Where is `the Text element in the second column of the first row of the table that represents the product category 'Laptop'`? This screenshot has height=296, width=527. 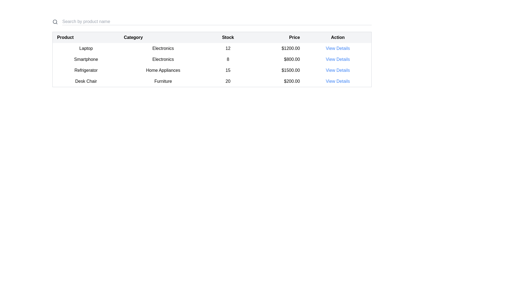 the Text element in the second column of the first row of the table that represents the product category 'Laptop' is located at coordinates (163, 48).